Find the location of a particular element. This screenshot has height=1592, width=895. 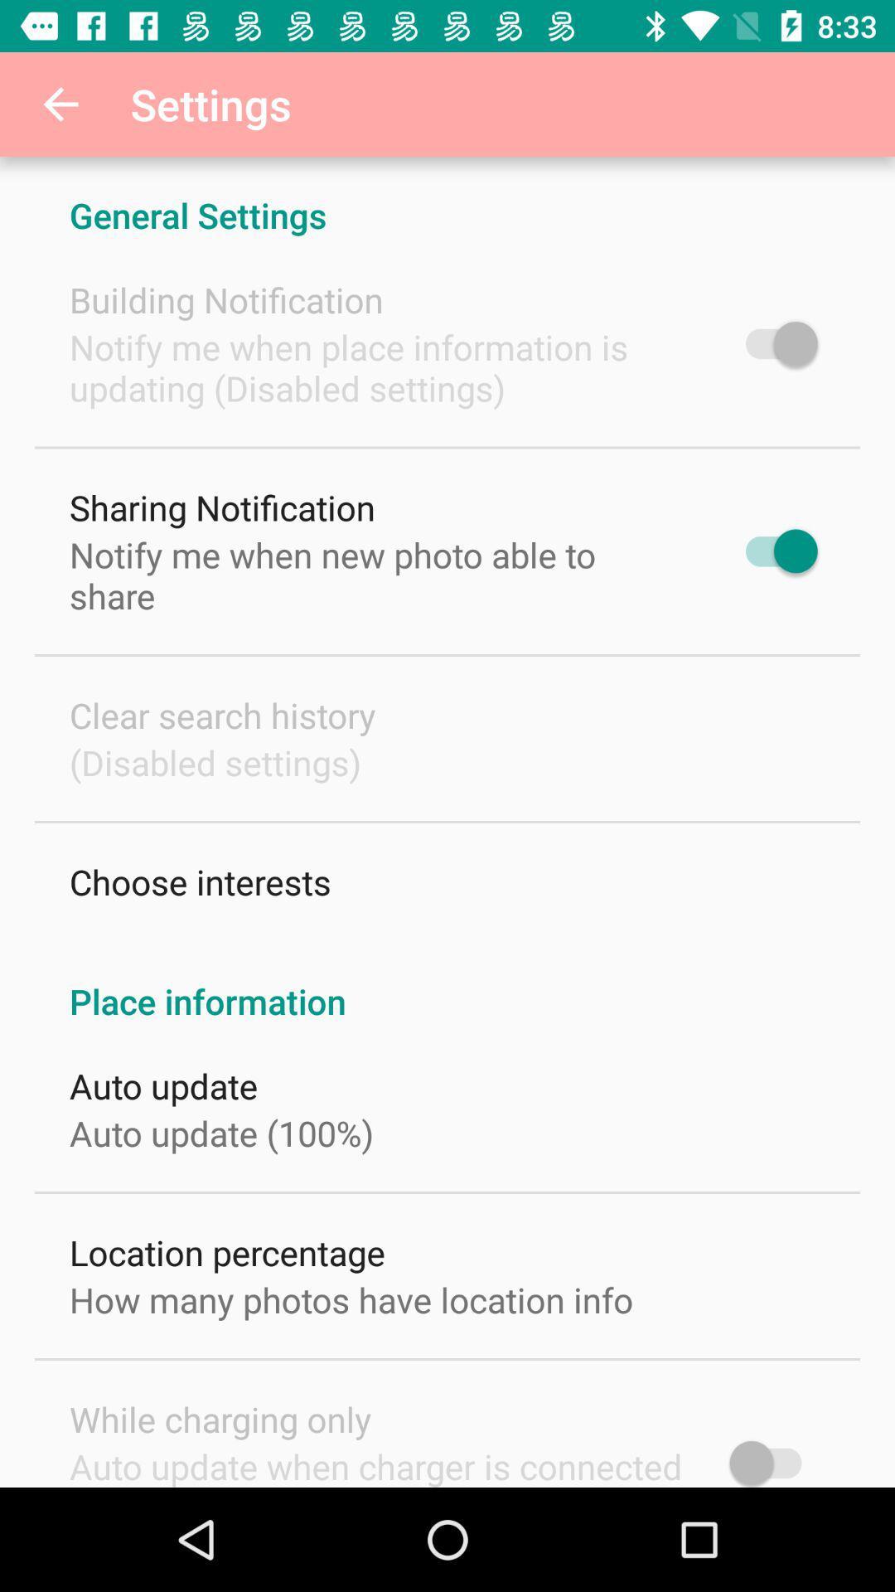

item above (disabled settings) icon is located at coordinates (221, 715).